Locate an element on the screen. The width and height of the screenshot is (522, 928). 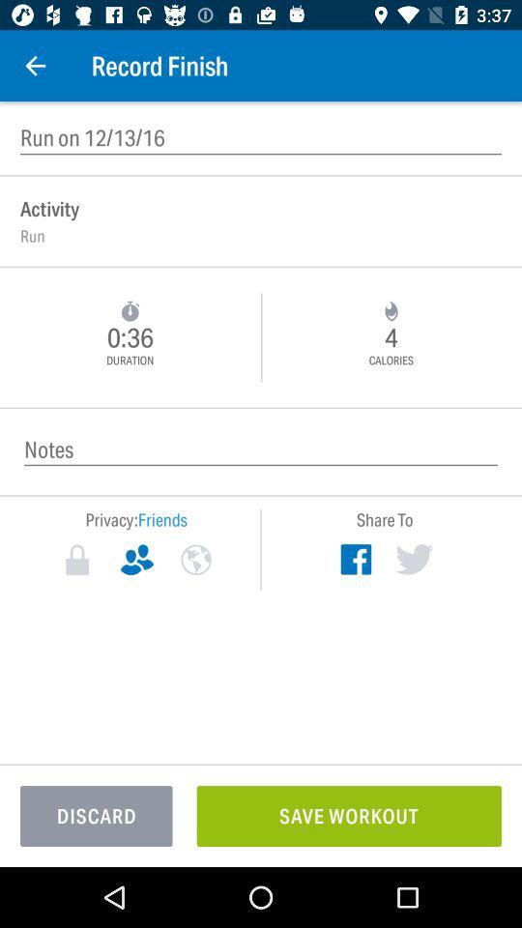
item at the bottom right corner is located at coordinates (348, 815).